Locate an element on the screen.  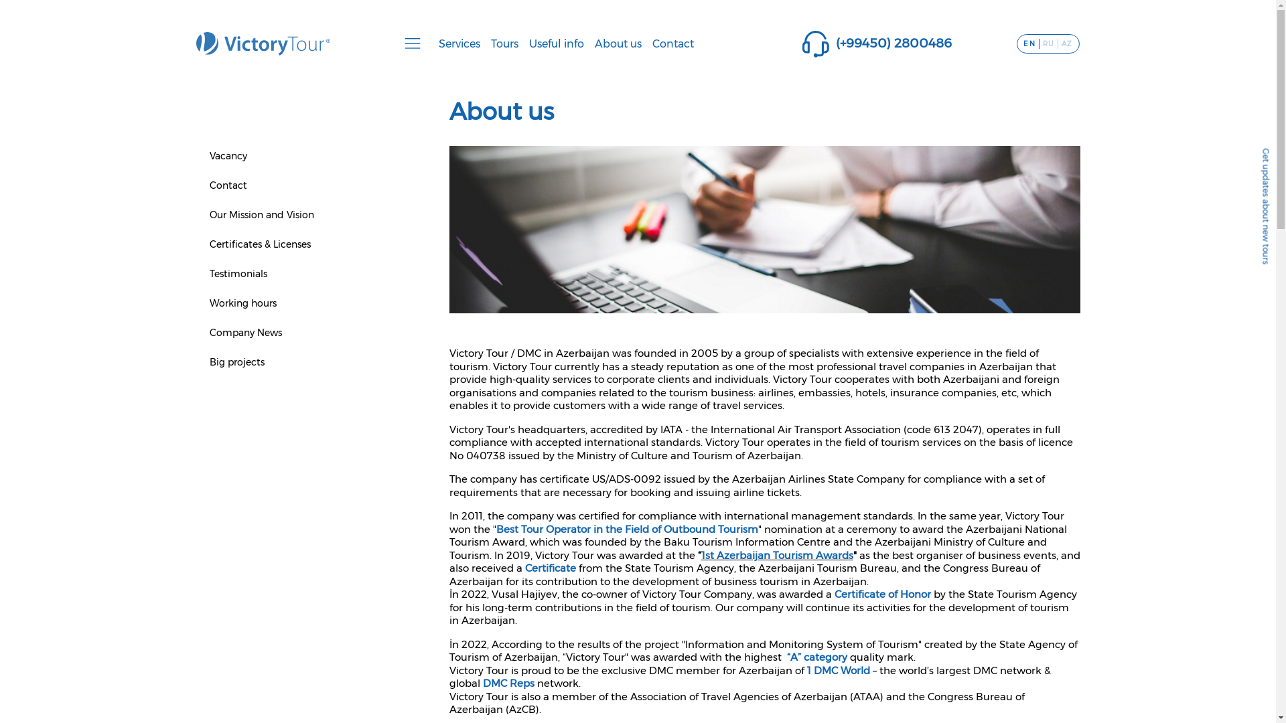
'1 DMC World' is located at coordinates (838, 670).